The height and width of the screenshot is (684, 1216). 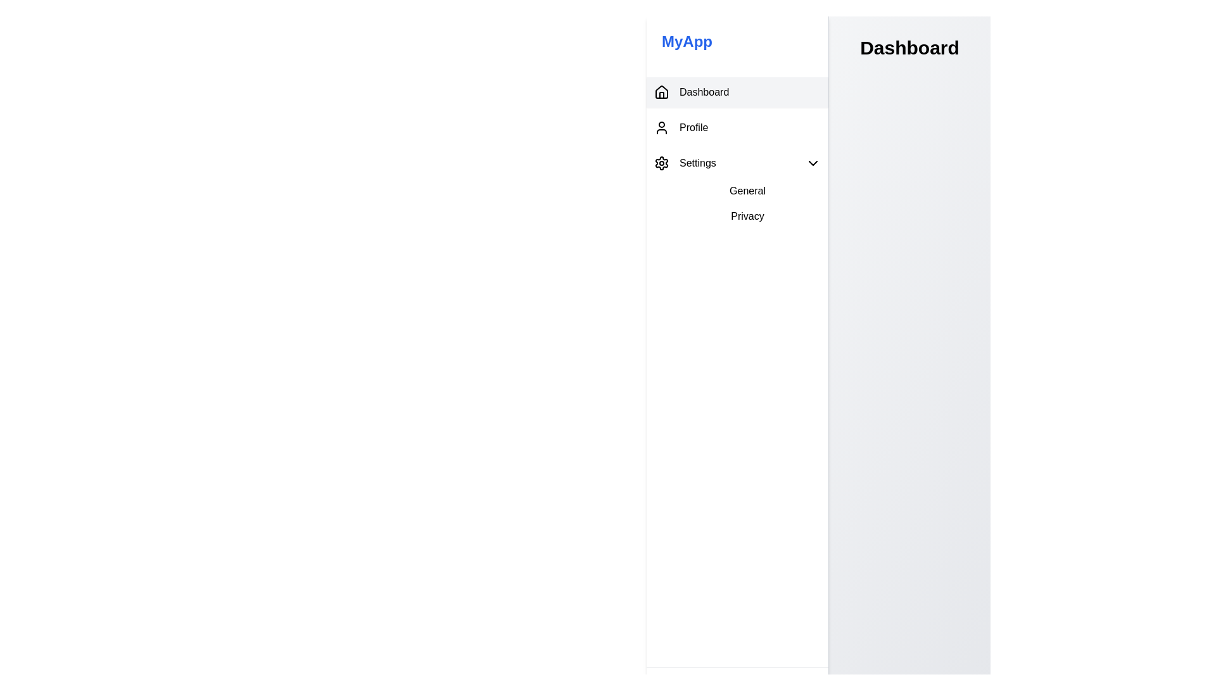 I want to click on the interactive label or text link related to privacy settings located in the left-side navigation menu under 'Settings', which is the second item below 'General', so click(x=747, y=216).